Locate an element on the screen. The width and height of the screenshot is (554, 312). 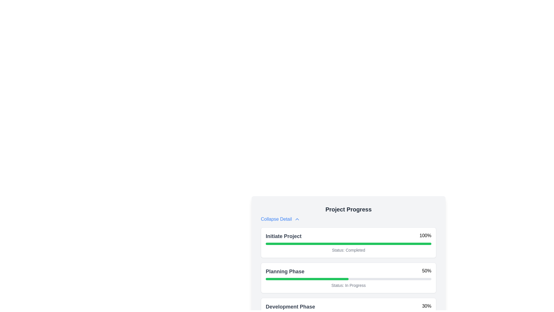
the expandable/collapsible icon located to the right of the 'Collapse Detail' text in the 'Project Progress' panel is located at coordinates (297, 219).